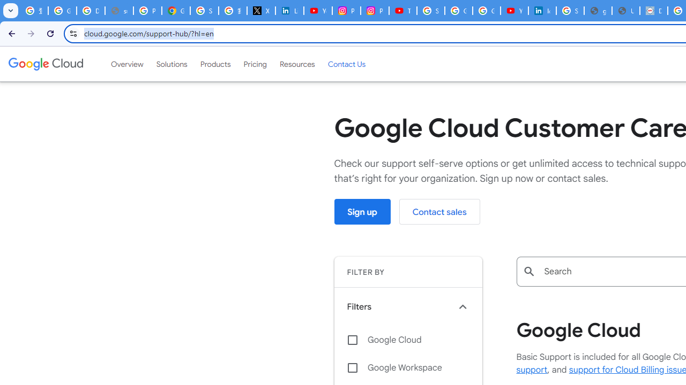 This screenshot has height=385, width=686. I want to click on 'Resources', so click(297, 64).